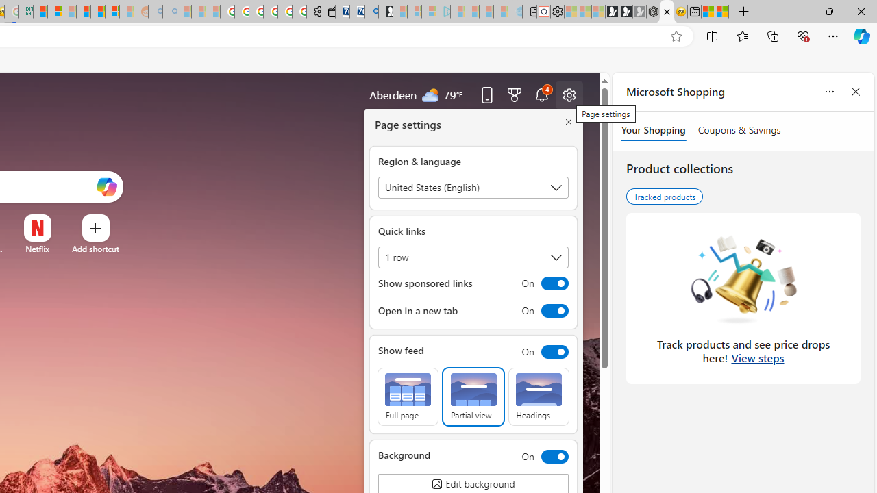  What do you see at coordinates (371, 12) in the screenshot?
I see `'Bing Real Estate - Home sales and rental listings'` at bounding box center [371, 12].